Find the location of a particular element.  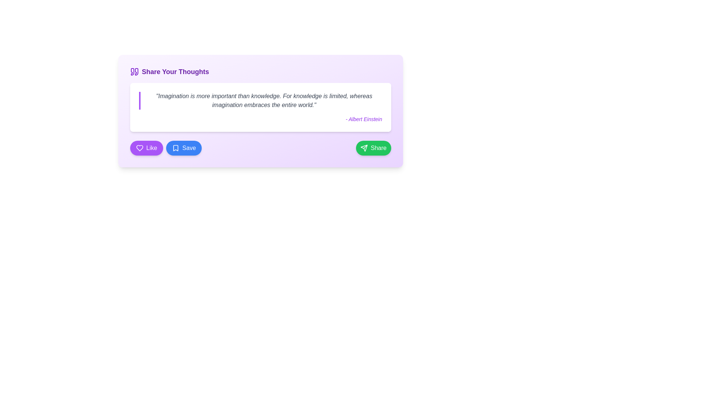

the triangular send icon located within the bottom-right corner of the green circular 'Share' button to share content is located at coordinates (364, 148).